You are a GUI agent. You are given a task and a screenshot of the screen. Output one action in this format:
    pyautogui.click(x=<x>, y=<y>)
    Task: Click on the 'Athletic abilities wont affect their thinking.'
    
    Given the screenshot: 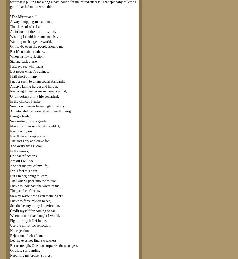 What is the action you would take?
    pyautogui.click(x=41, y=111)
    